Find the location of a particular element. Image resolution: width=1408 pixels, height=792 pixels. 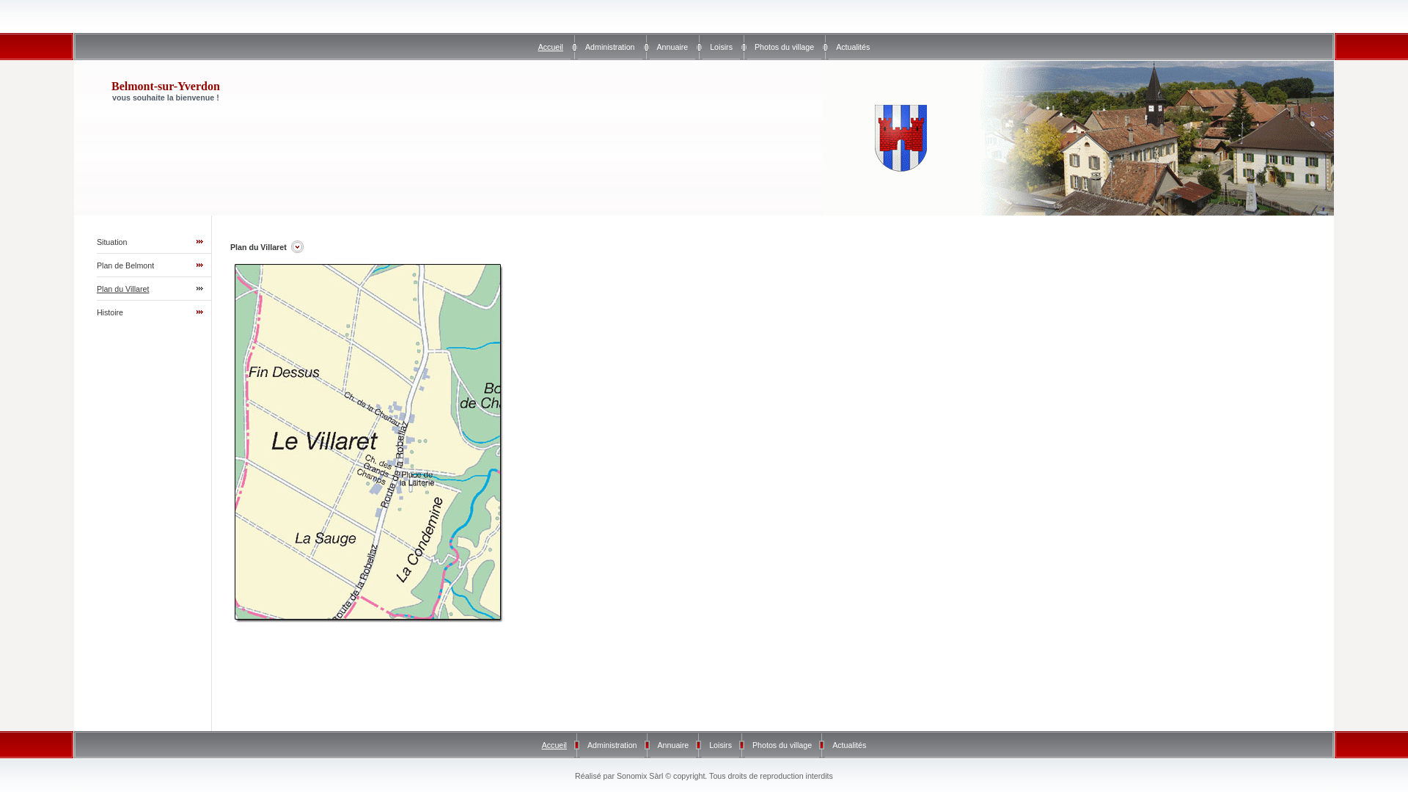

'Administration' is located at coordinates (609, 46).